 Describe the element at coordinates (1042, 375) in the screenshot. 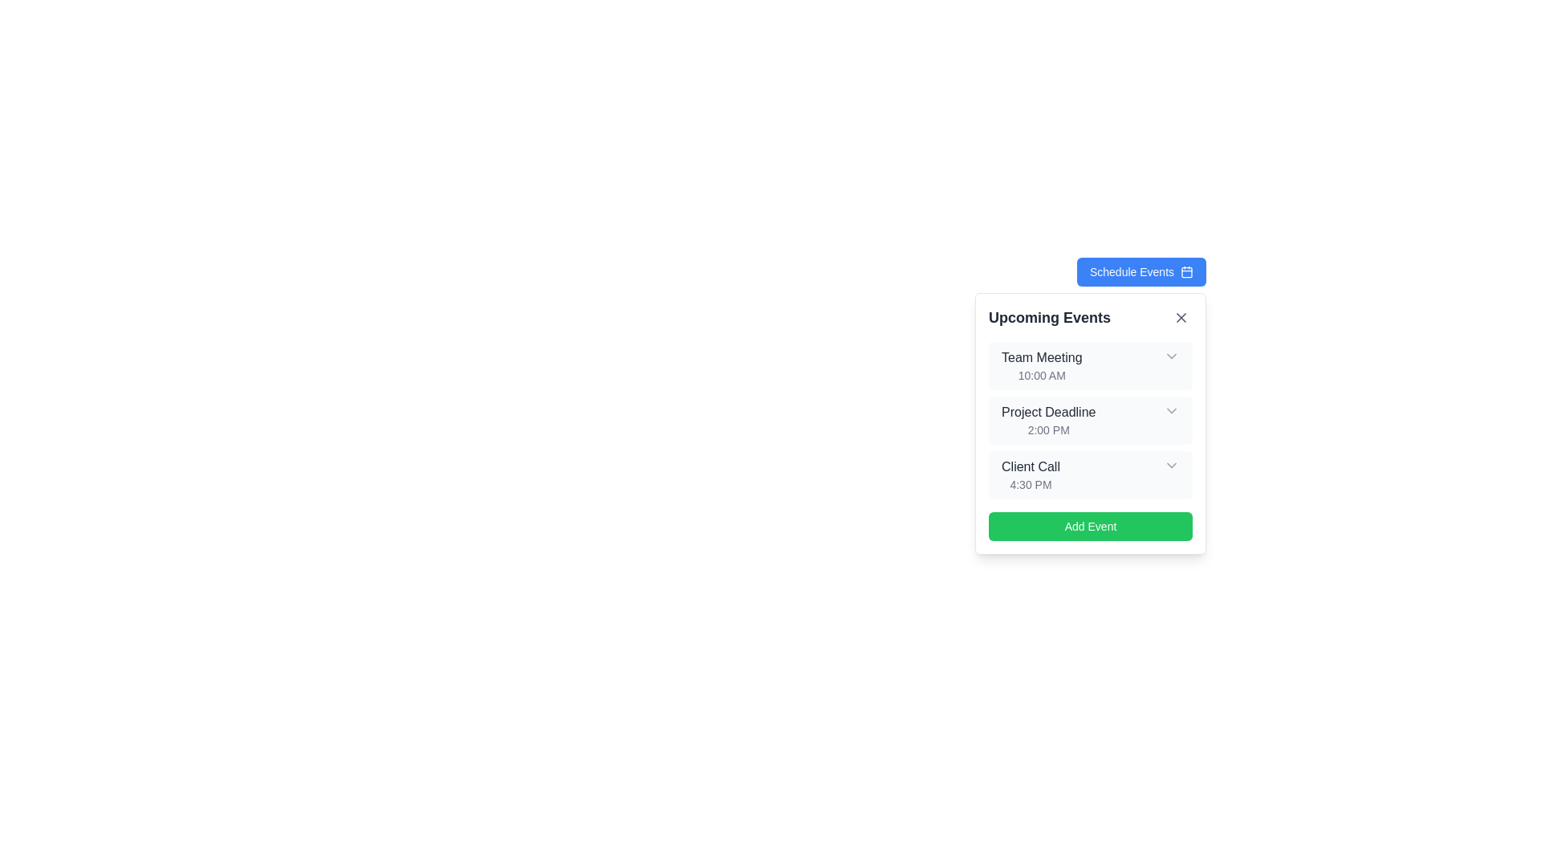

I see `the text label displaying '10:00 AM' with a gray font style located below the 'Team Meeting' title in the 'Upcoming Events' section` at that location.